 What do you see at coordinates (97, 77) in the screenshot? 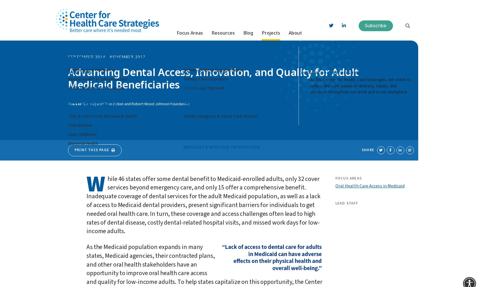
I see `'Mental Health & Substance Use'` at bounding box center [97, 77].